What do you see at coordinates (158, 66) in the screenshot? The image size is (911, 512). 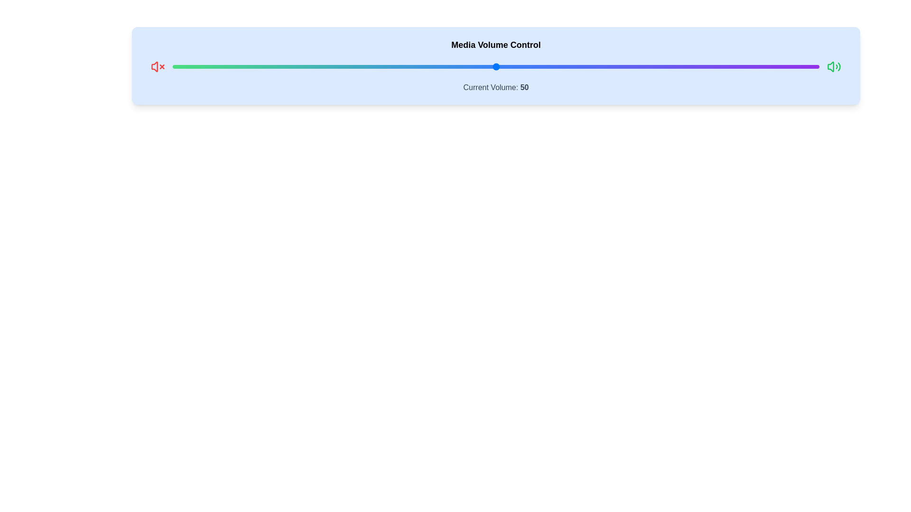 I see `the mute icon` at bounding box center [158, 66].